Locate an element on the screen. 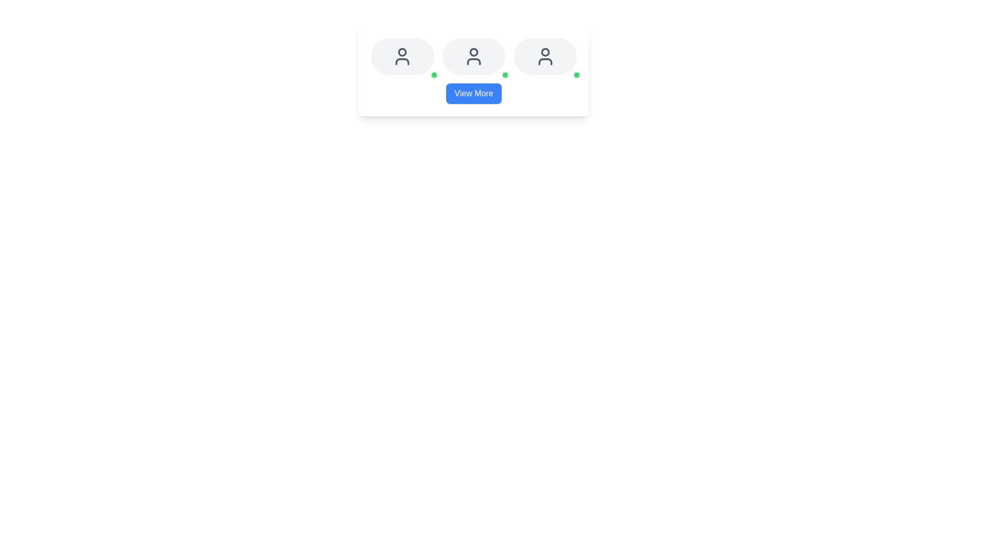 This screenshot has height=556, width=988. the small circular Status Indicator with a green background and white border, featuring a white smiley face icon, located at the bottom-right corner of the profile image is located at coordinates (505, 75).